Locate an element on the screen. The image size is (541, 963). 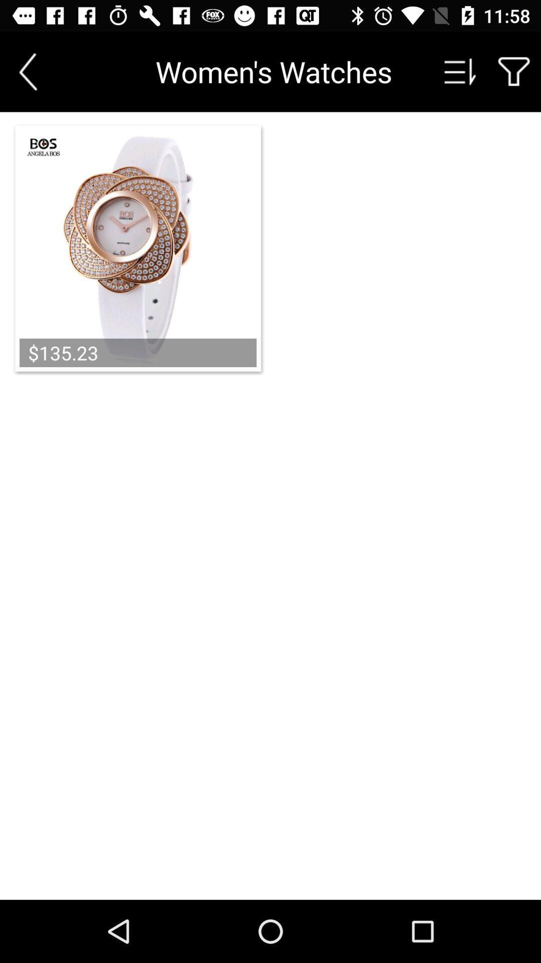
the arrow_backward icon is located at coordinates (28, 71).